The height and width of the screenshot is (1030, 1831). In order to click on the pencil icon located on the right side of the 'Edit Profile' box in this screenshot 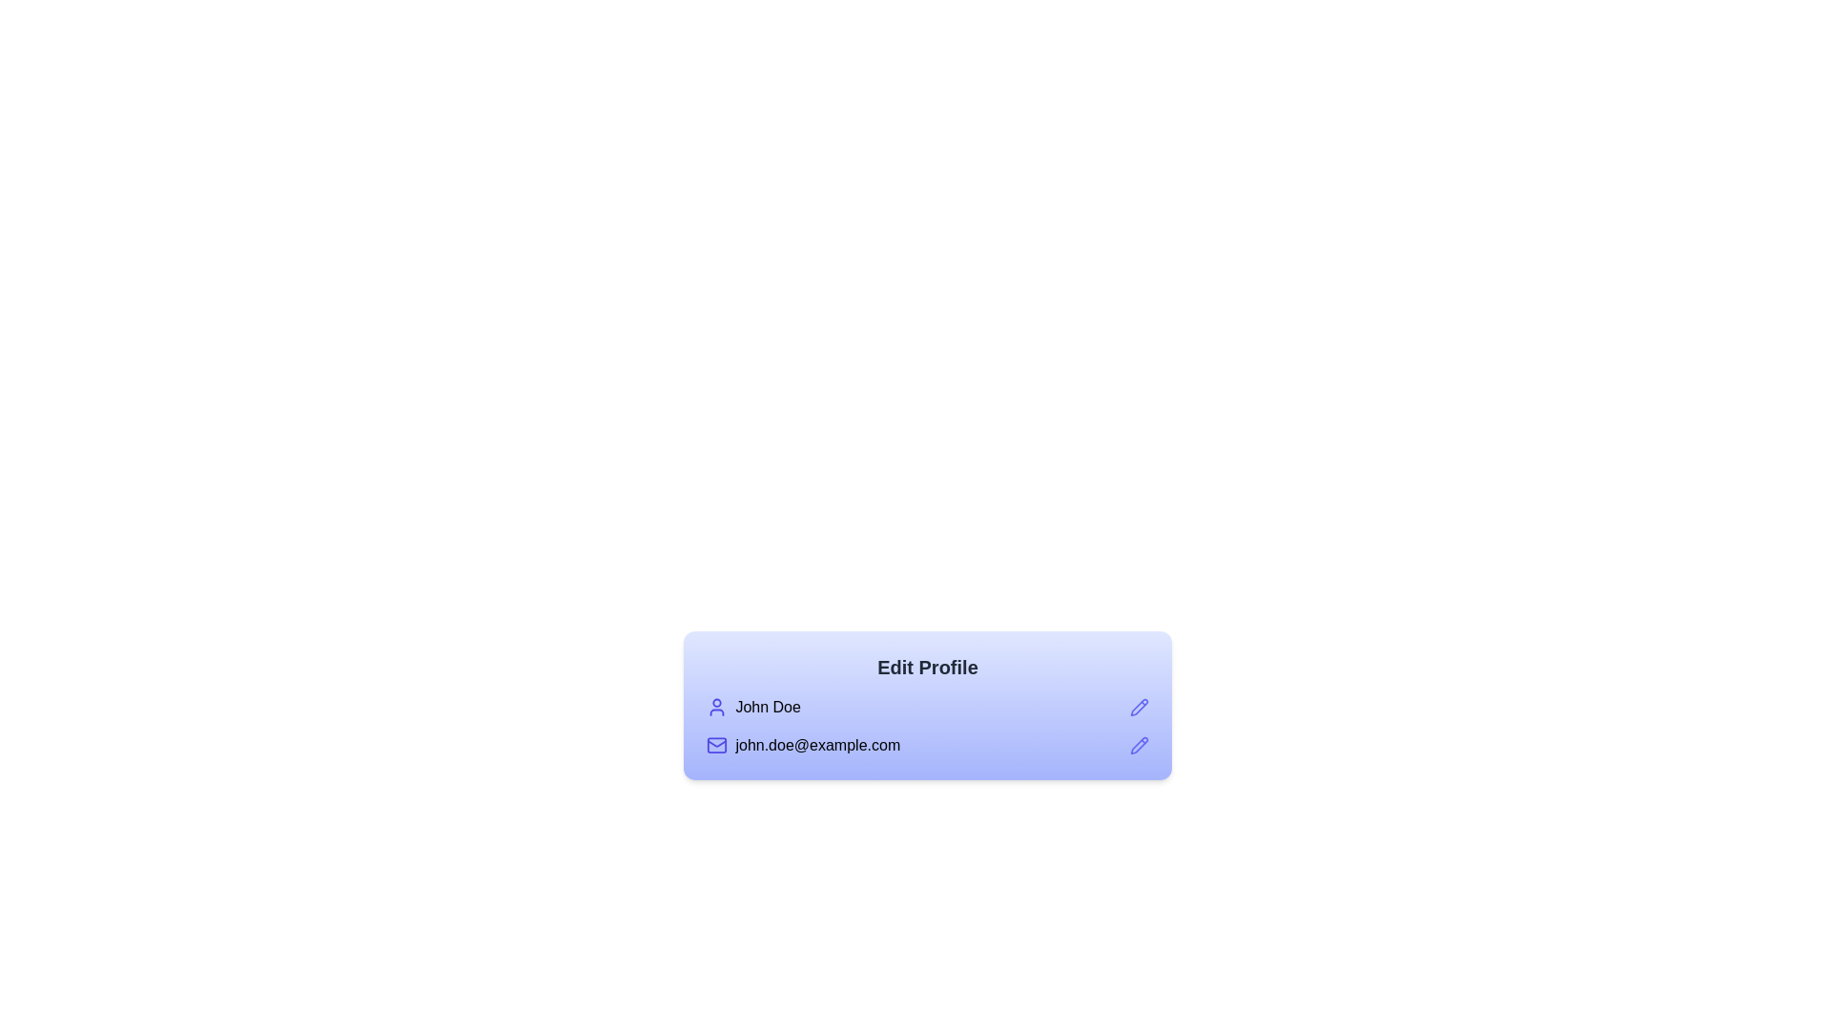, I will do `click(1140, 707)`.